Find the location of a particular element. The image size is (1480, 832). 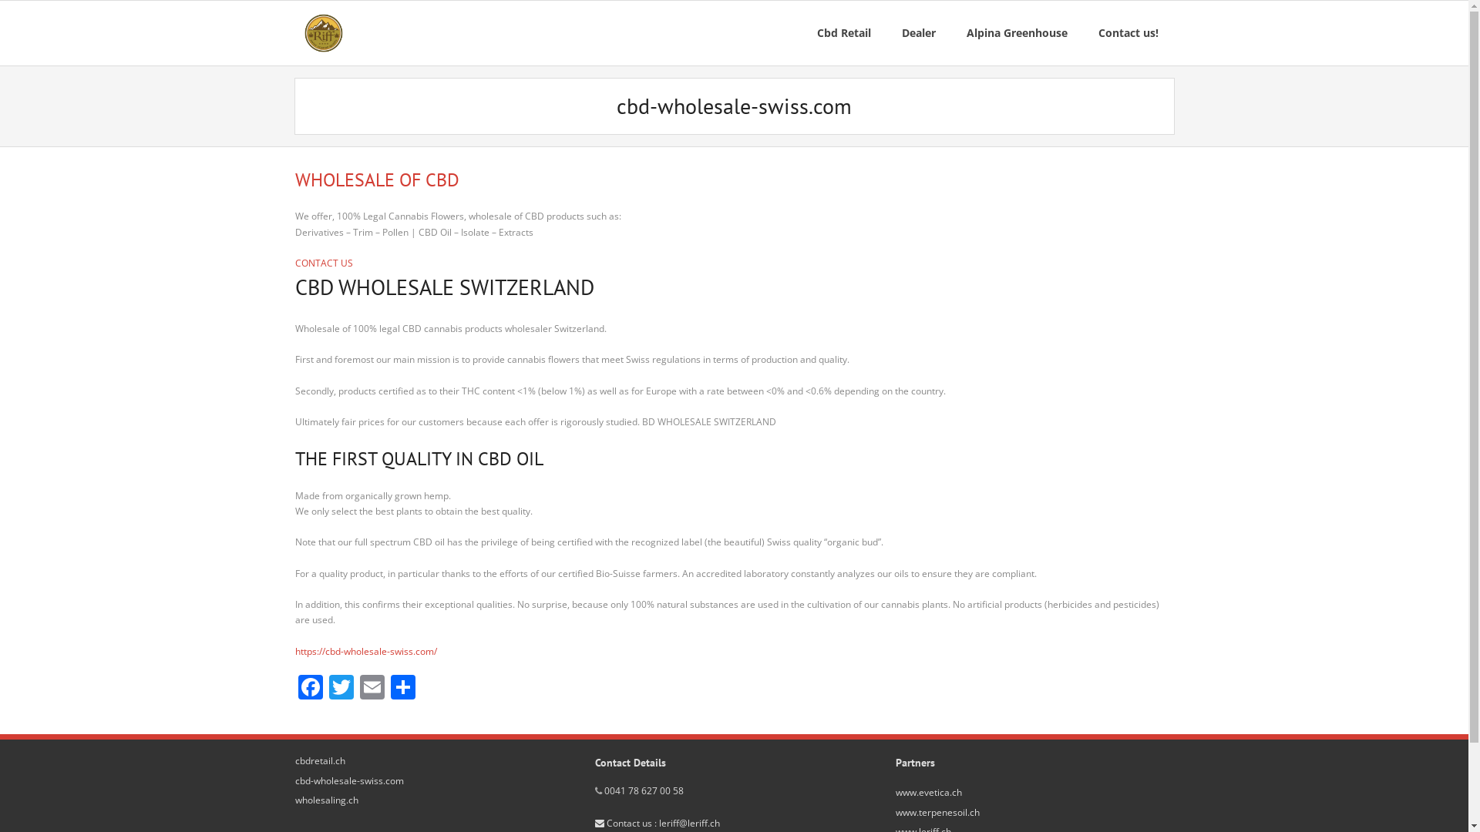

'Alpina Greenhouse' is located at coordinates (1017, 32).